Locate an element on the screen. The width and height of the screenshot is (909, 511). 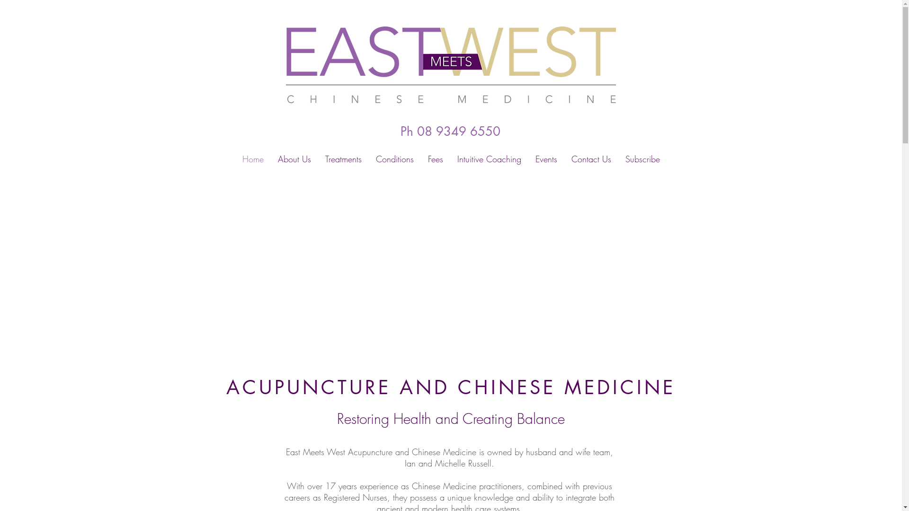
'Intuitive Coaching' is located at coordinates (489, 158).